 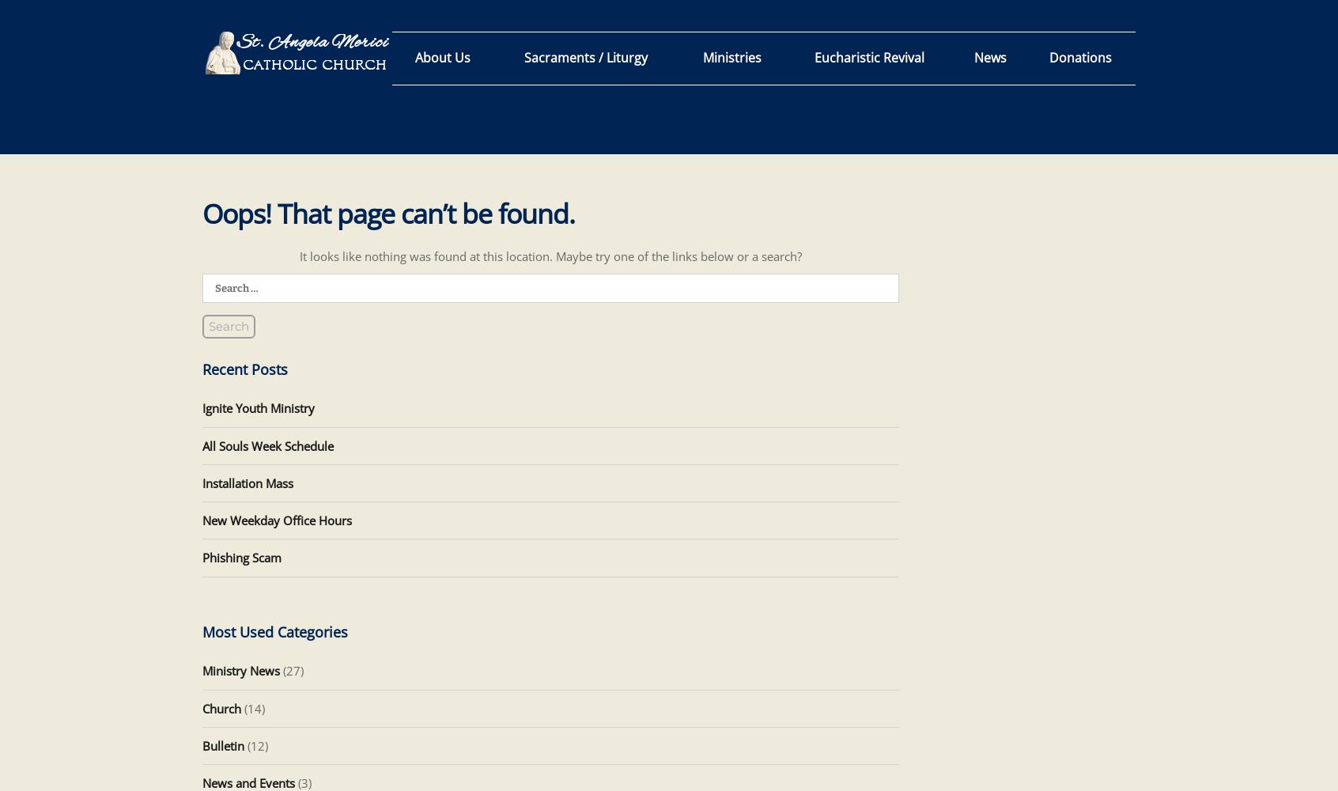 I want to click on 'Ignite Youth Ministry', so click(x=257, y=408).